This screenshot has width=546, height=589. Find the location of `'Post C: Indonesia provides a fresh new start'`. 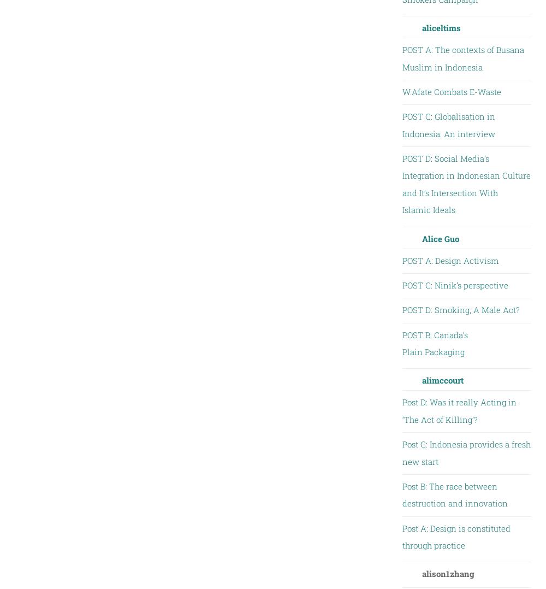

'Post C: Indonesia provides a fresh new start' is located at coordinates (465, 452).